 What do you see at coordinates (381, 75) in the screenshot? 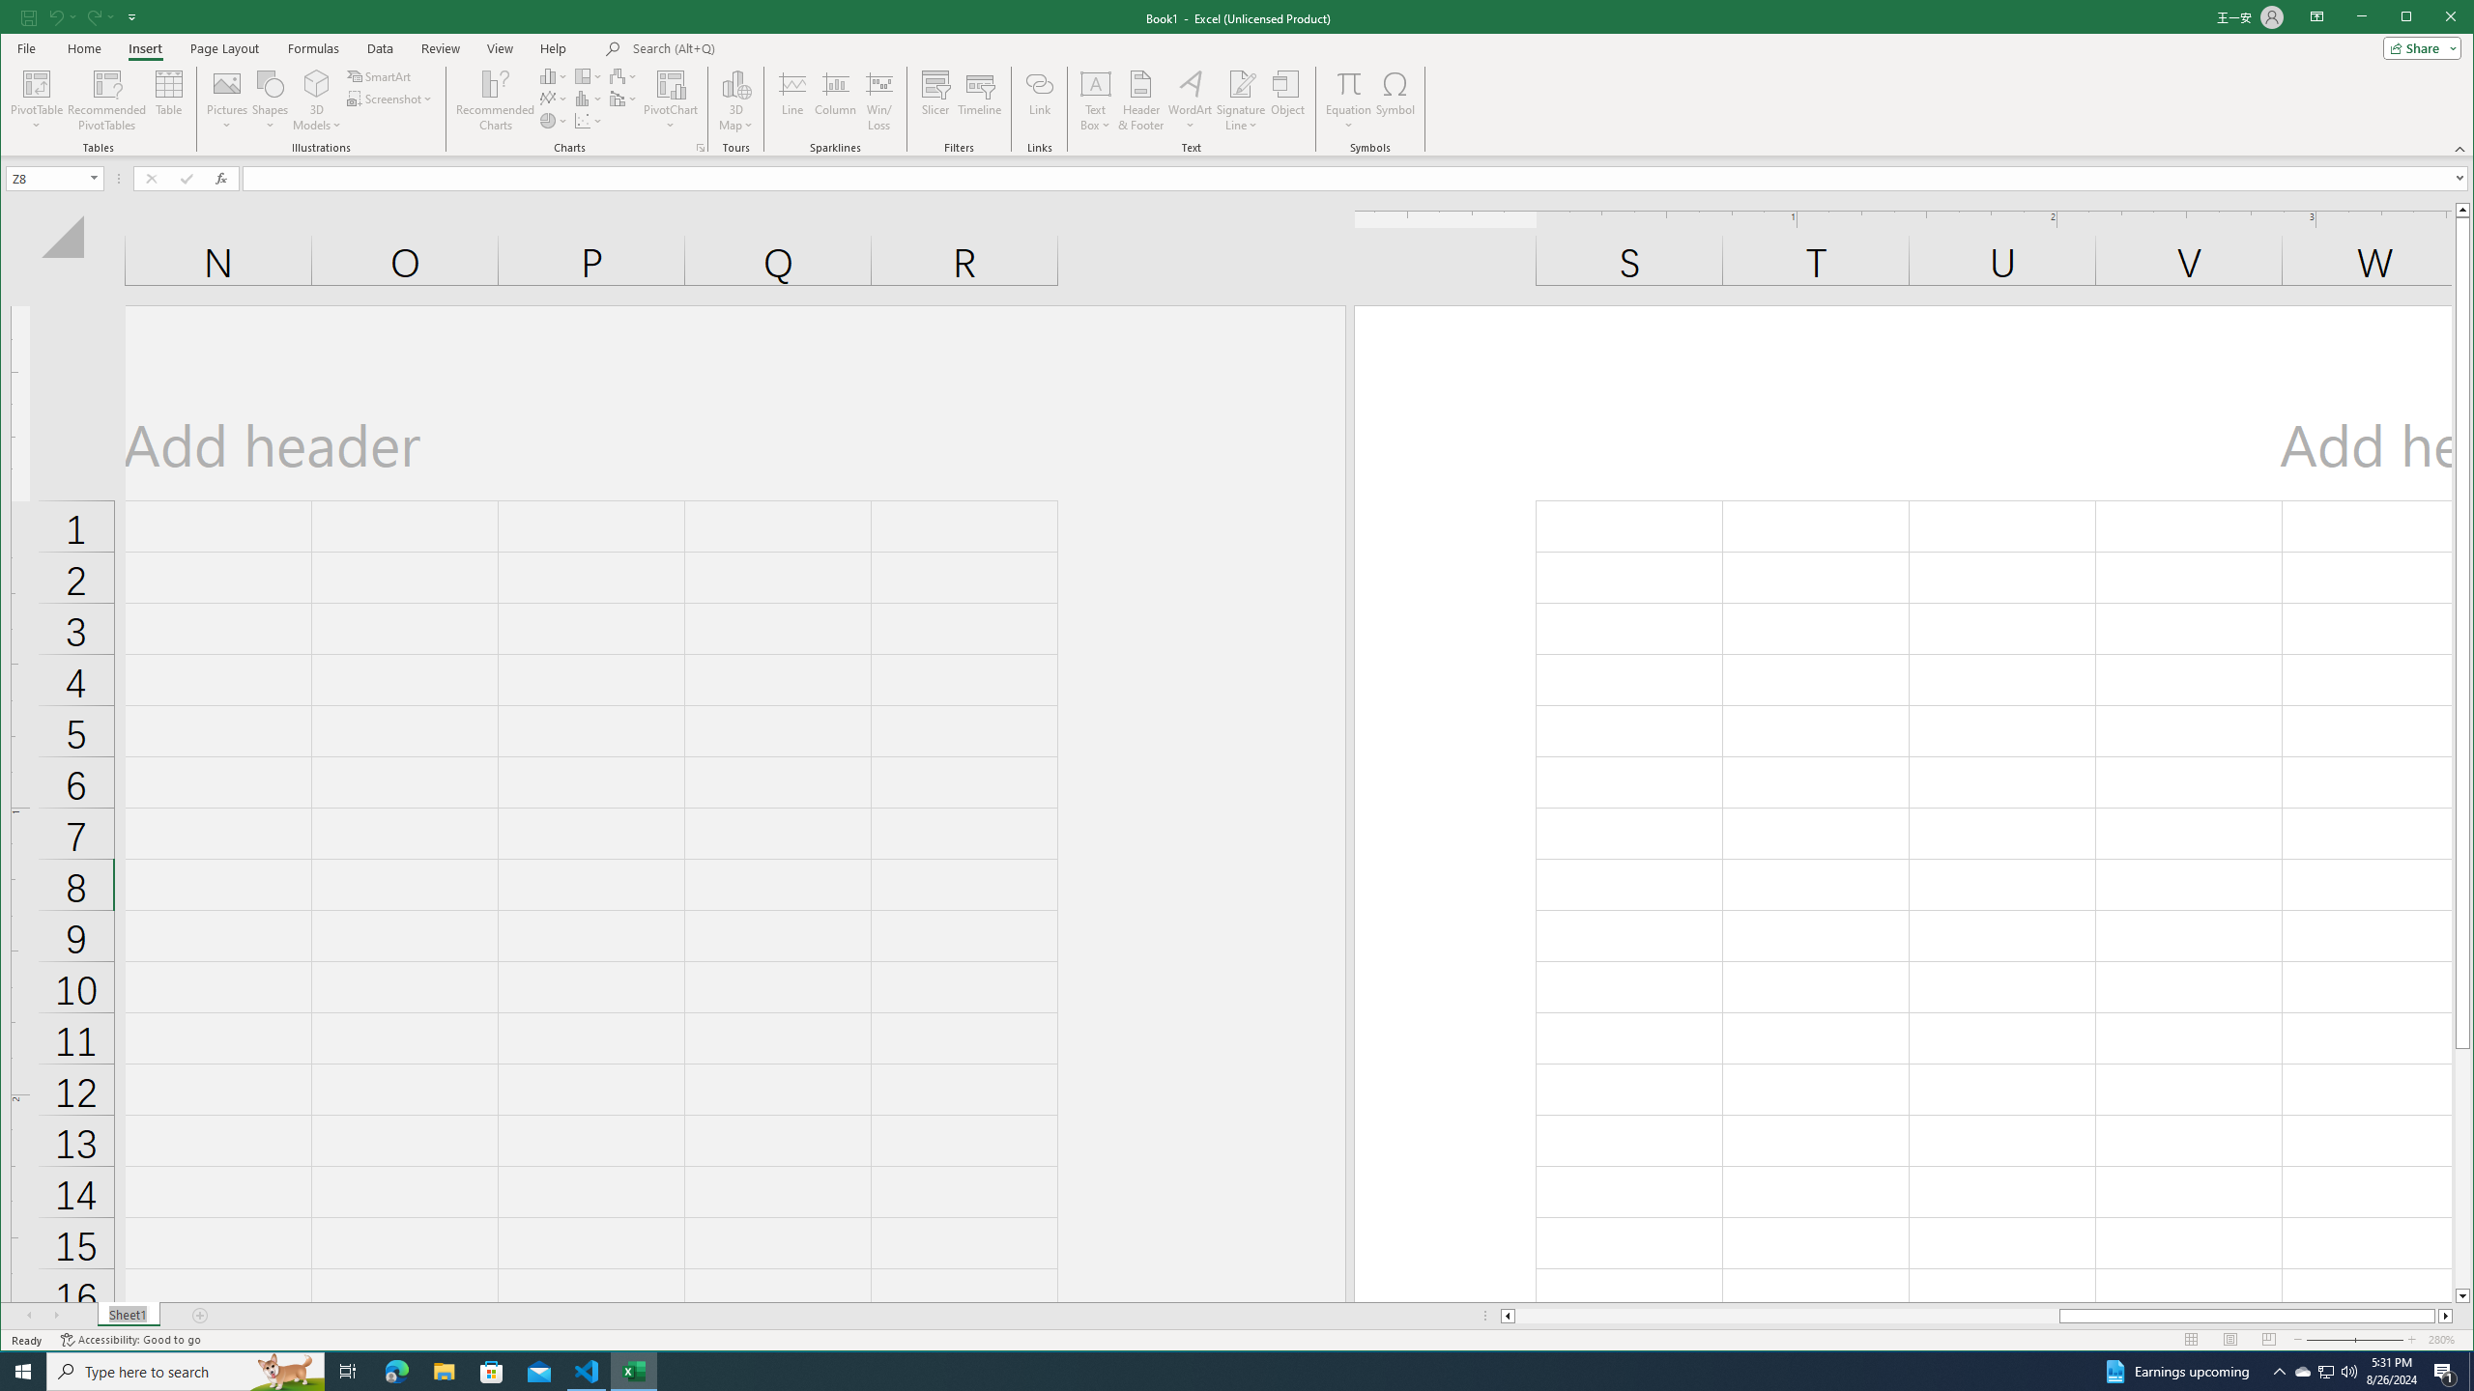
I see `'SmartArt...'` at bounding box center [381, 75].